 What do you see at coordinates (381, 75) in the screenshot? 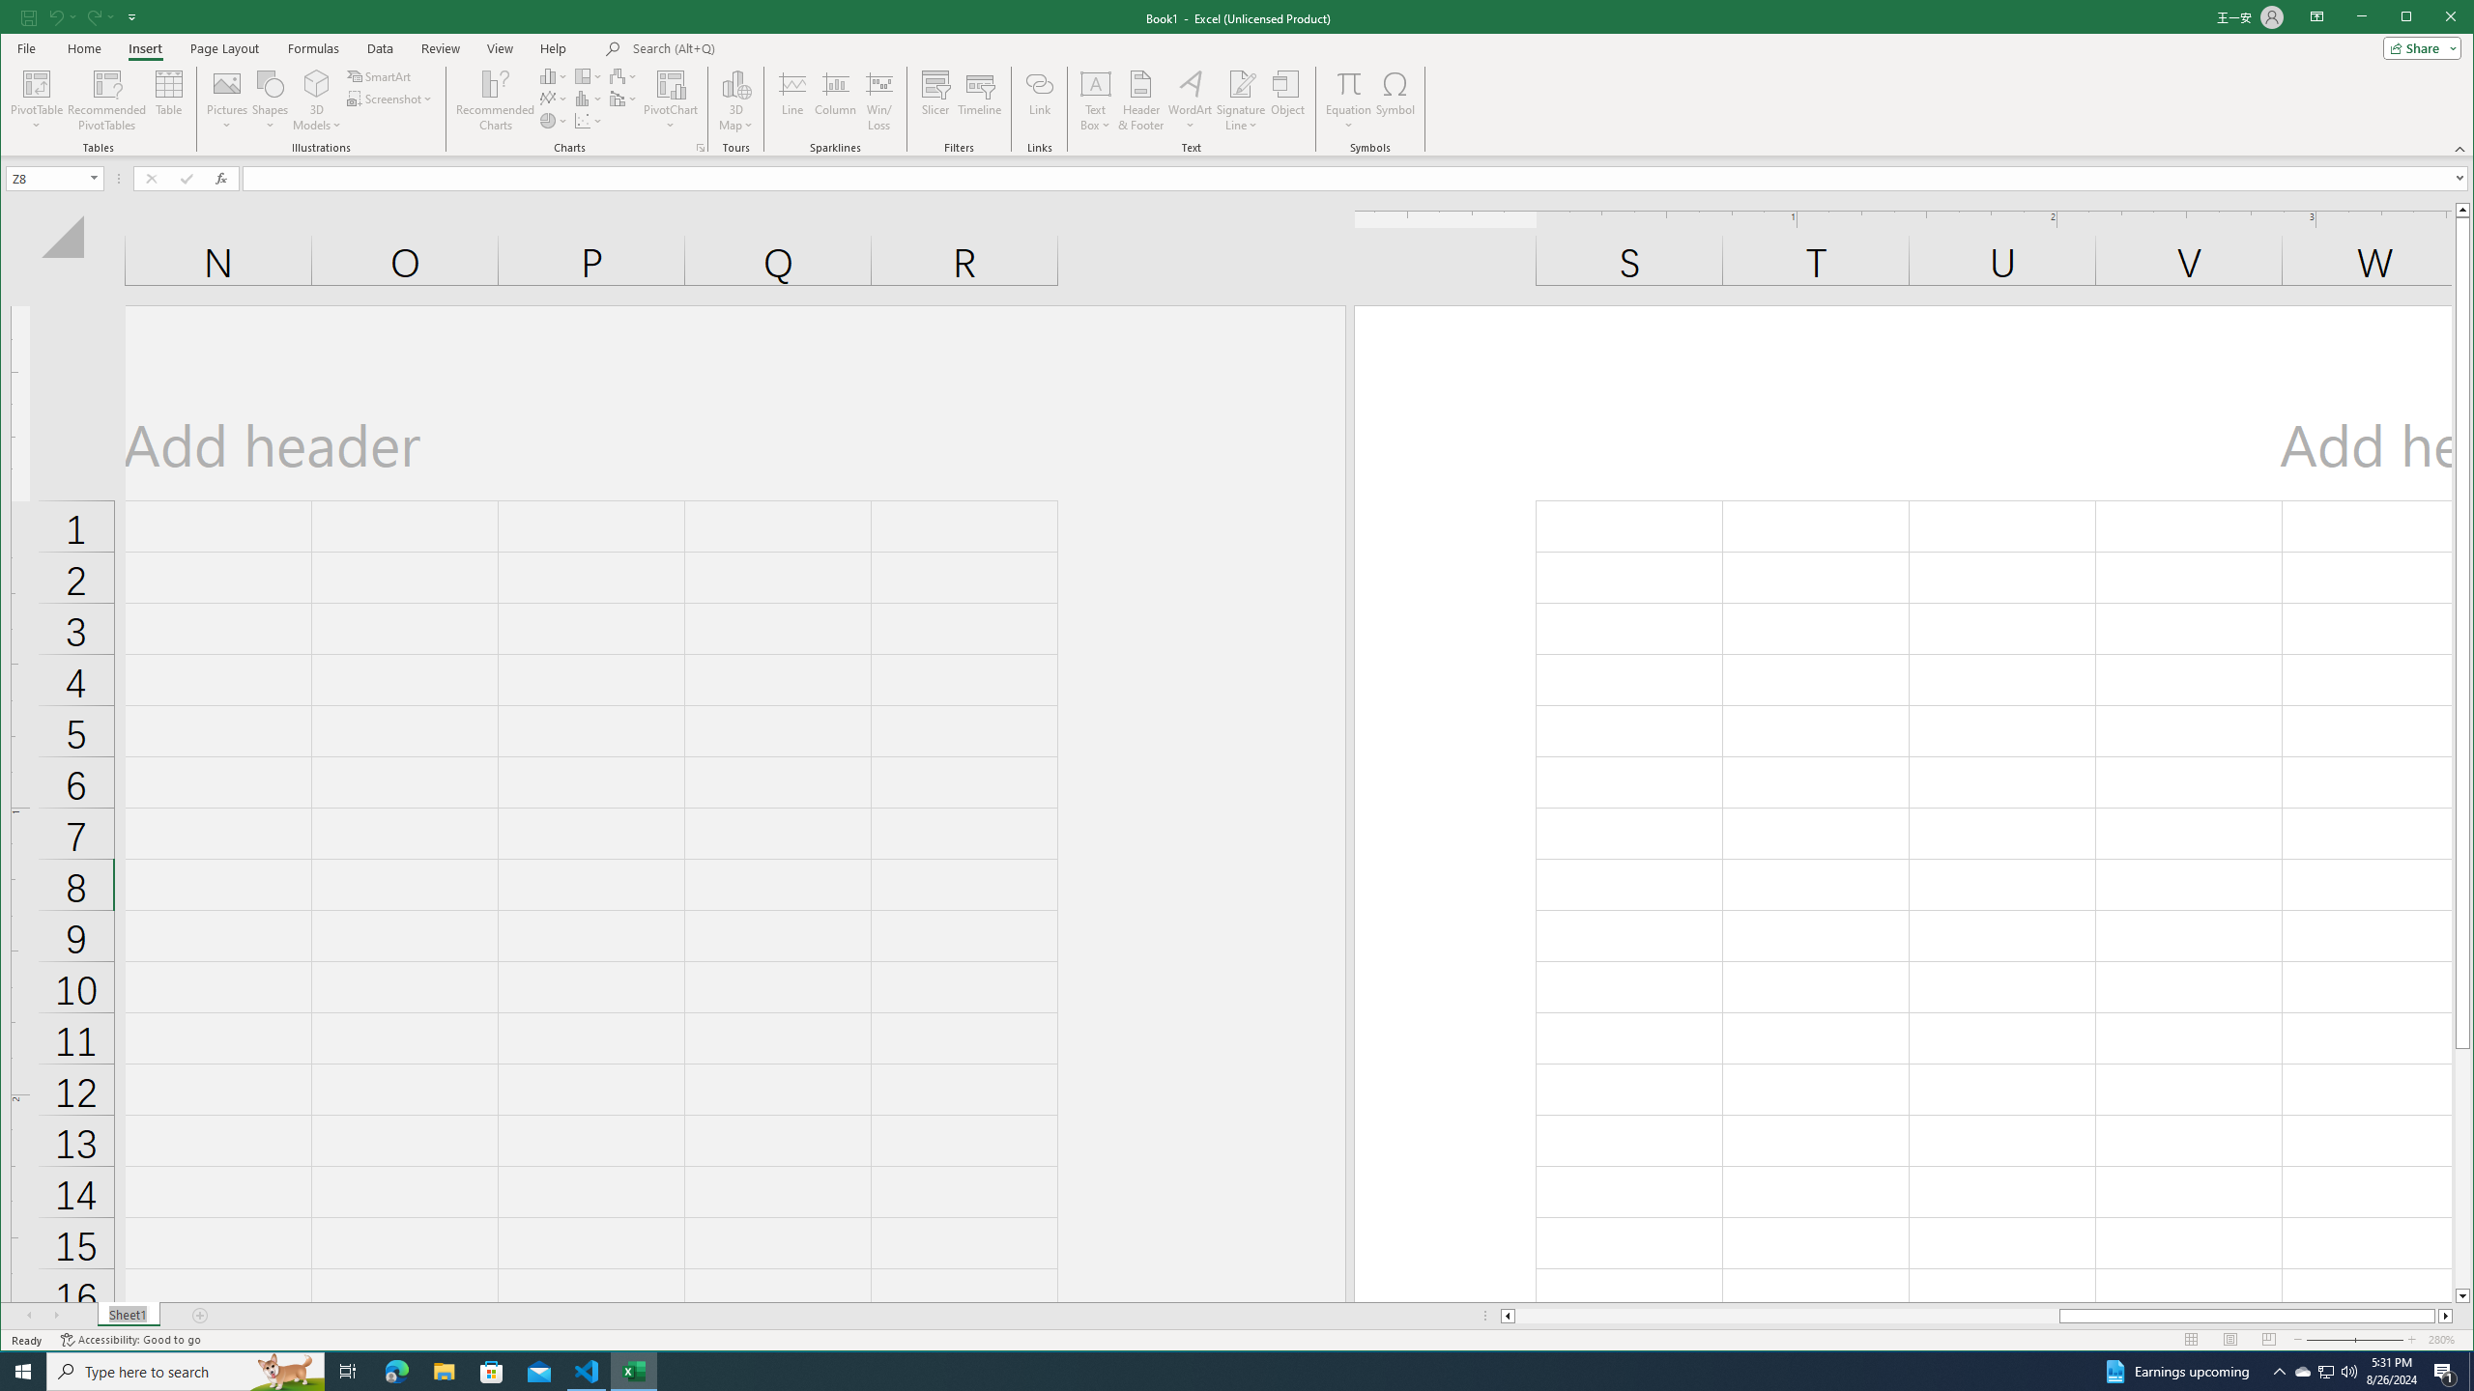
I see `'SmartArt...'` at bounding box center [381, 75].